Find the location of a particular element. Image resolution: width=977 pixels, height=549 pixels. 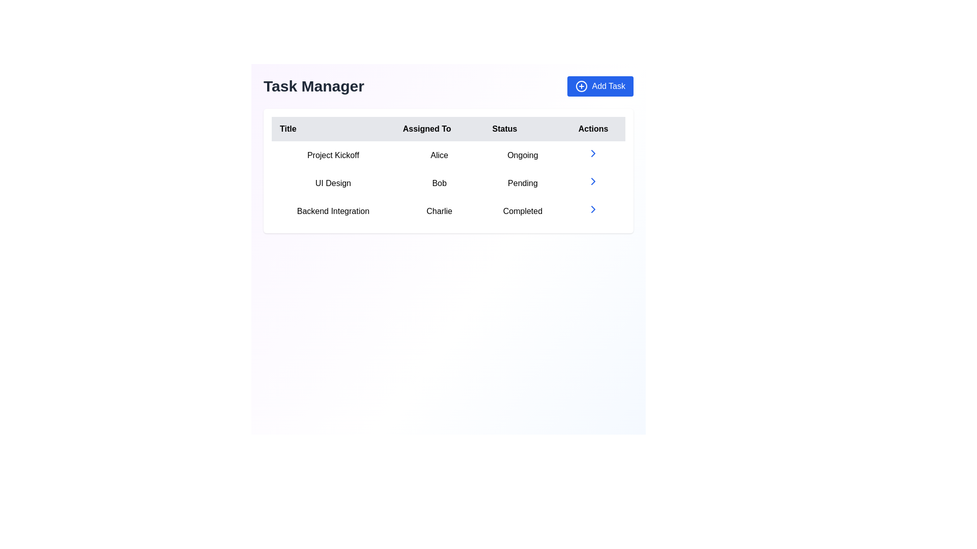

the static text element that serves as the title or identifier for the associated task entry, located in the first column of the first row in the table, under the 'Title' column header is located at coordinates (333, 155).